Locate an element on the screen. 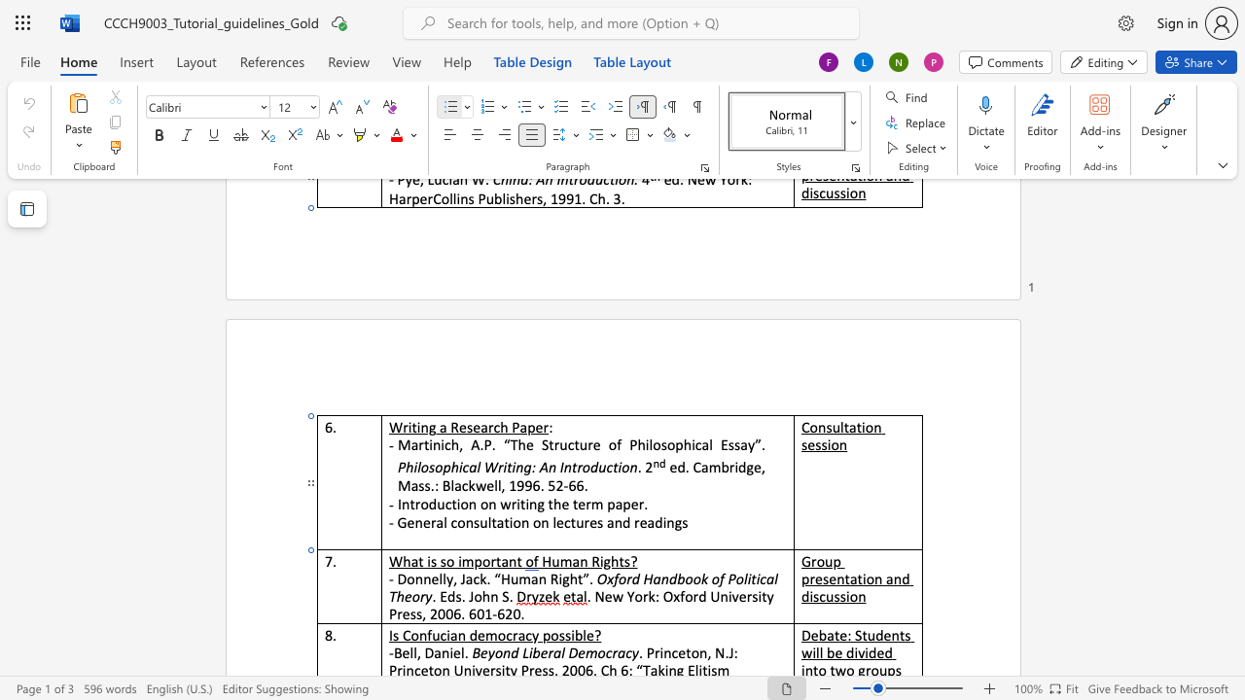 This screenshot has height=700, width=1245. the space between the continuous character "h" and "e" in the text is located at coordinates (560, 503).